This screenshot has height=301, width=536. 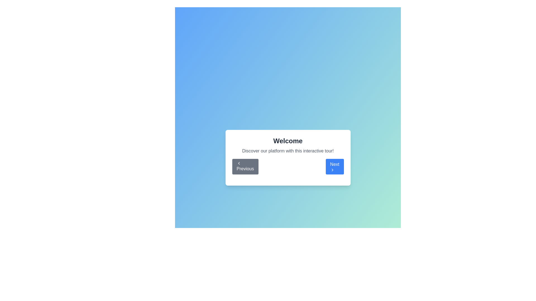 What do you see at coordinates (239, 163) in the screenshot?
I see `the left-pointing chevron icon, which is part of the 'Previous' button in the footer section of the interface` at bounding box center [239, 163].